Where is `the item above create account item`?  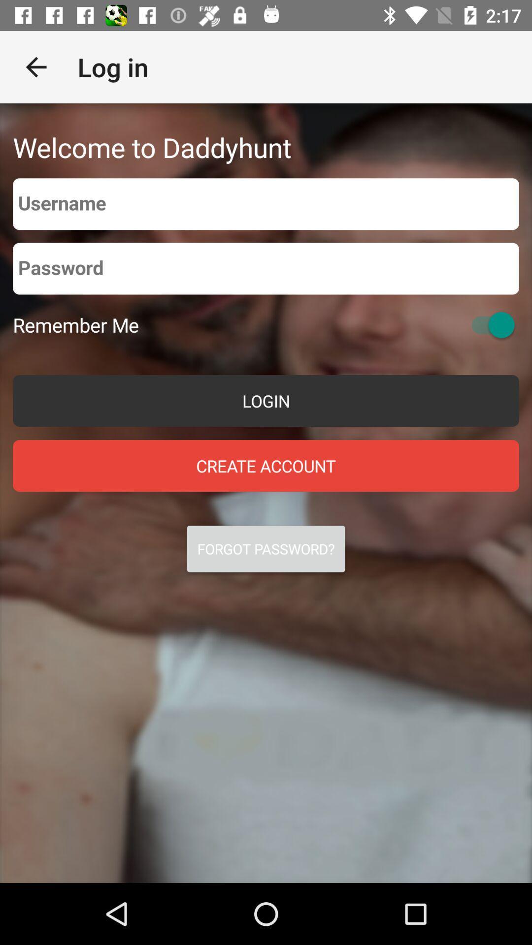
the item above create account item is located at coordinates (266, 401).